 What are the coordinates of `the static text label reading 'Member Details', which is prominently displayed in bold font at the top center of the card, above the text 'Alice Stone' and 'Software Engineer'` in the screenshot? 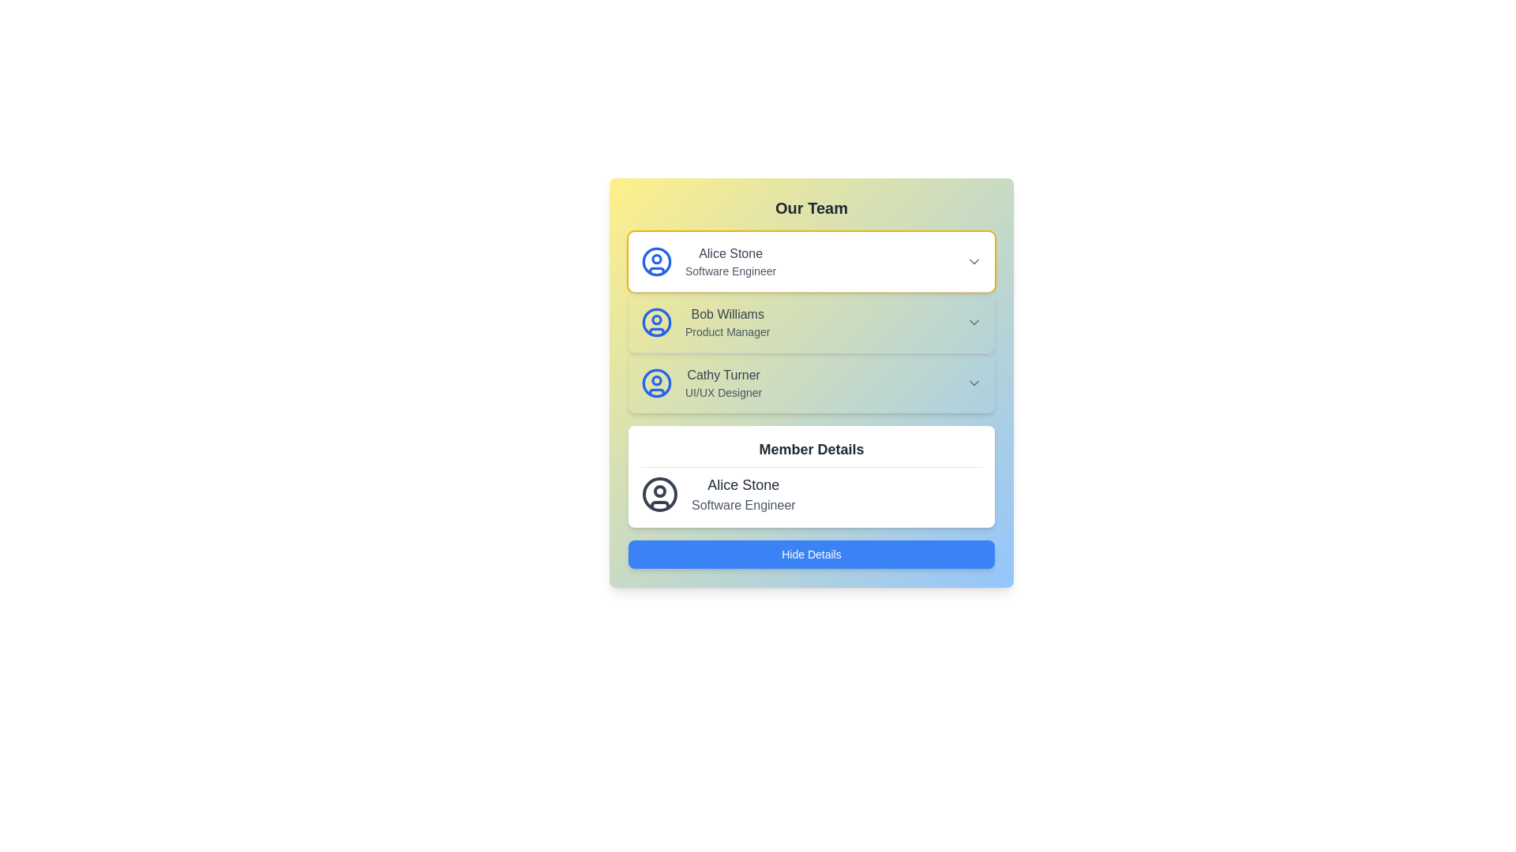 It's located at (811, 453).